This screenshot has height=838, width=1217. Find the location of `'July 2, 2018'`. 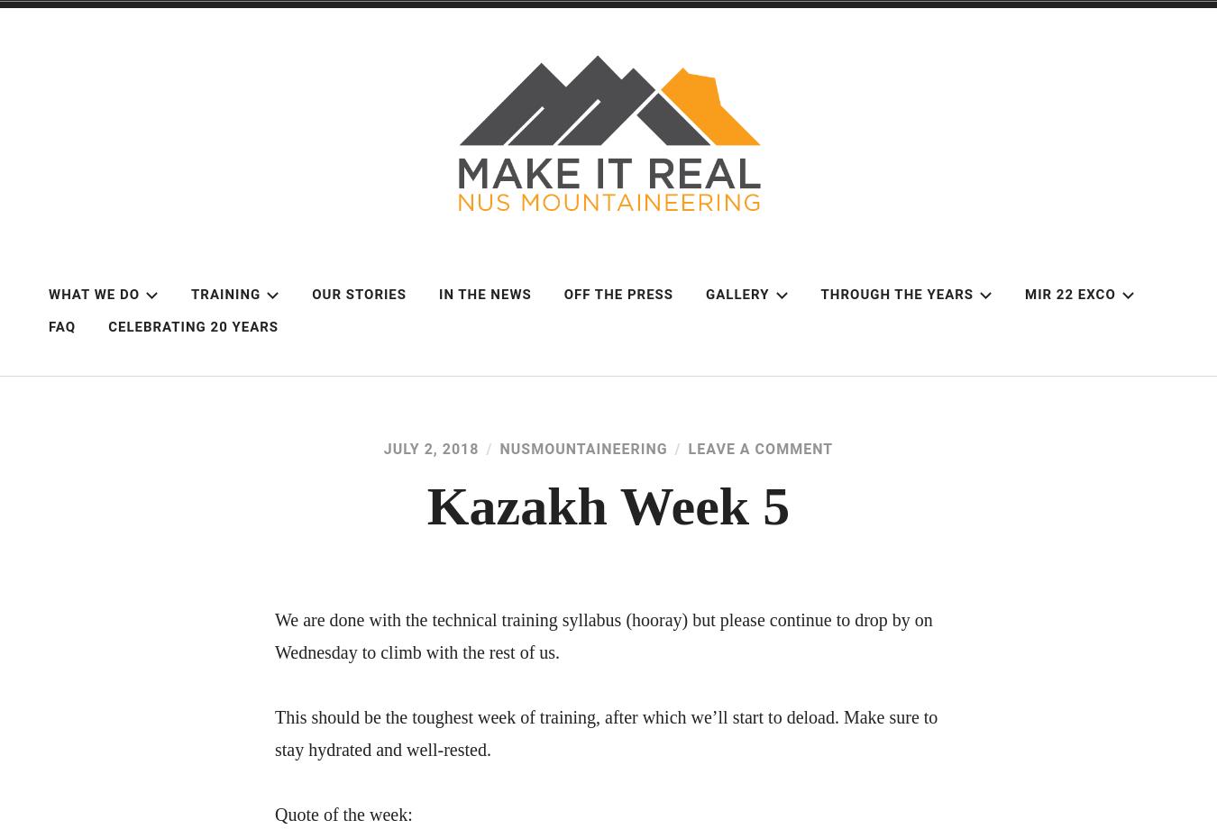

'July 2, 2018' is located at coordinates (430, 448).